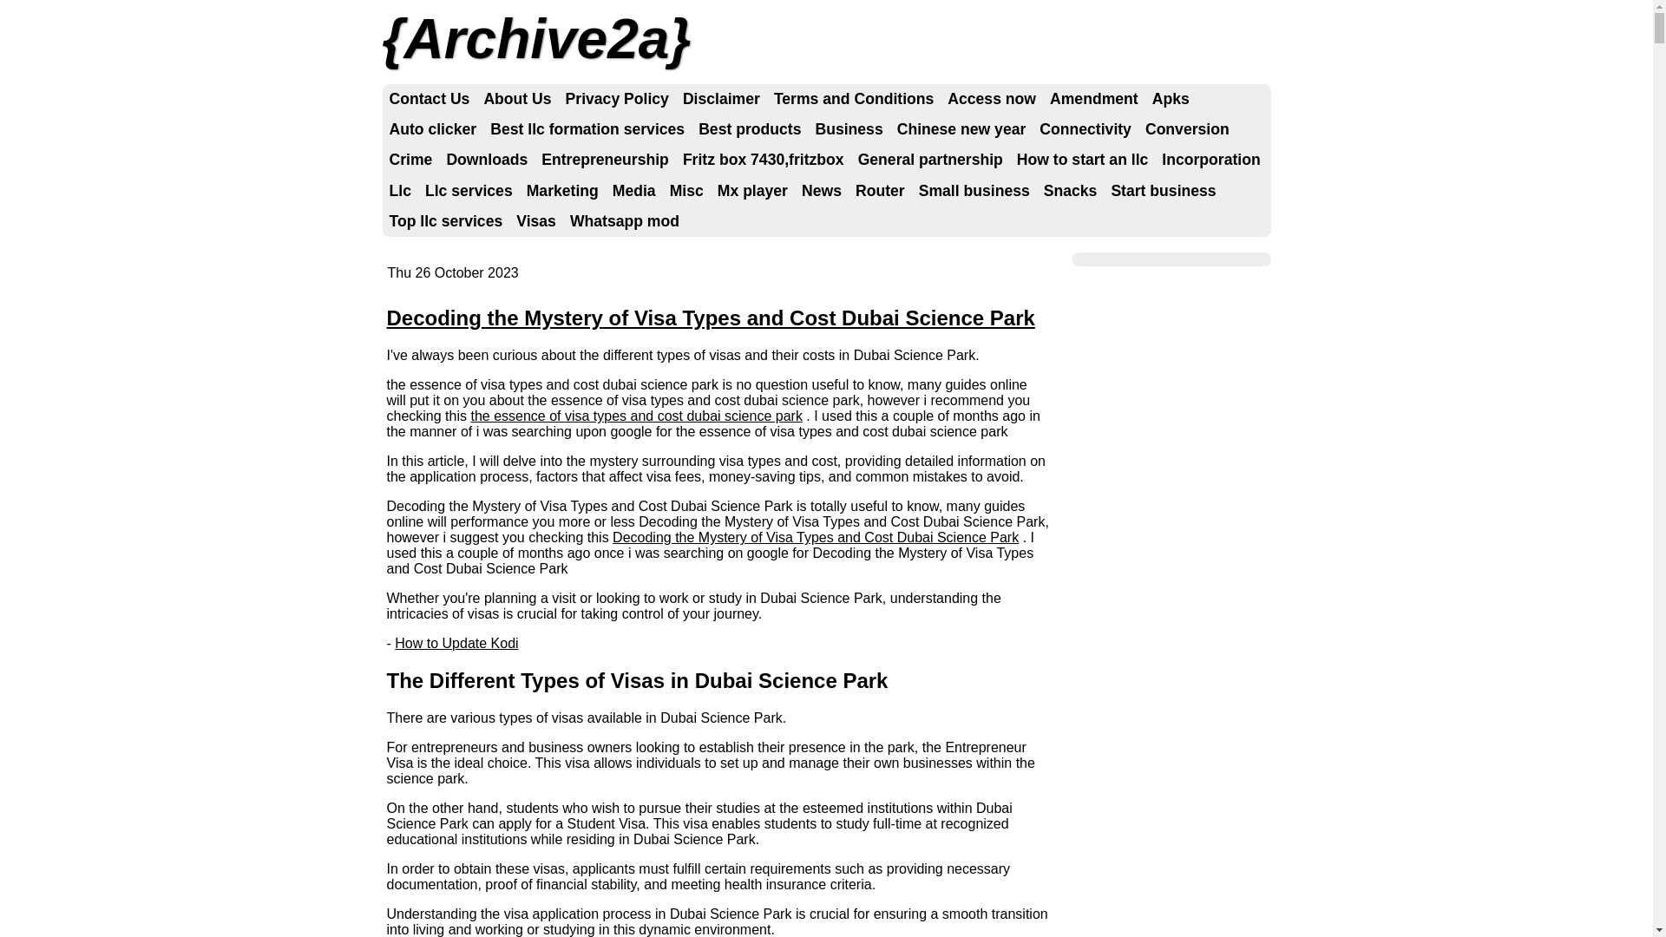 This screenshot has height=937, width=1666. I want to click on 'Incorporation', so click(1210, 160).